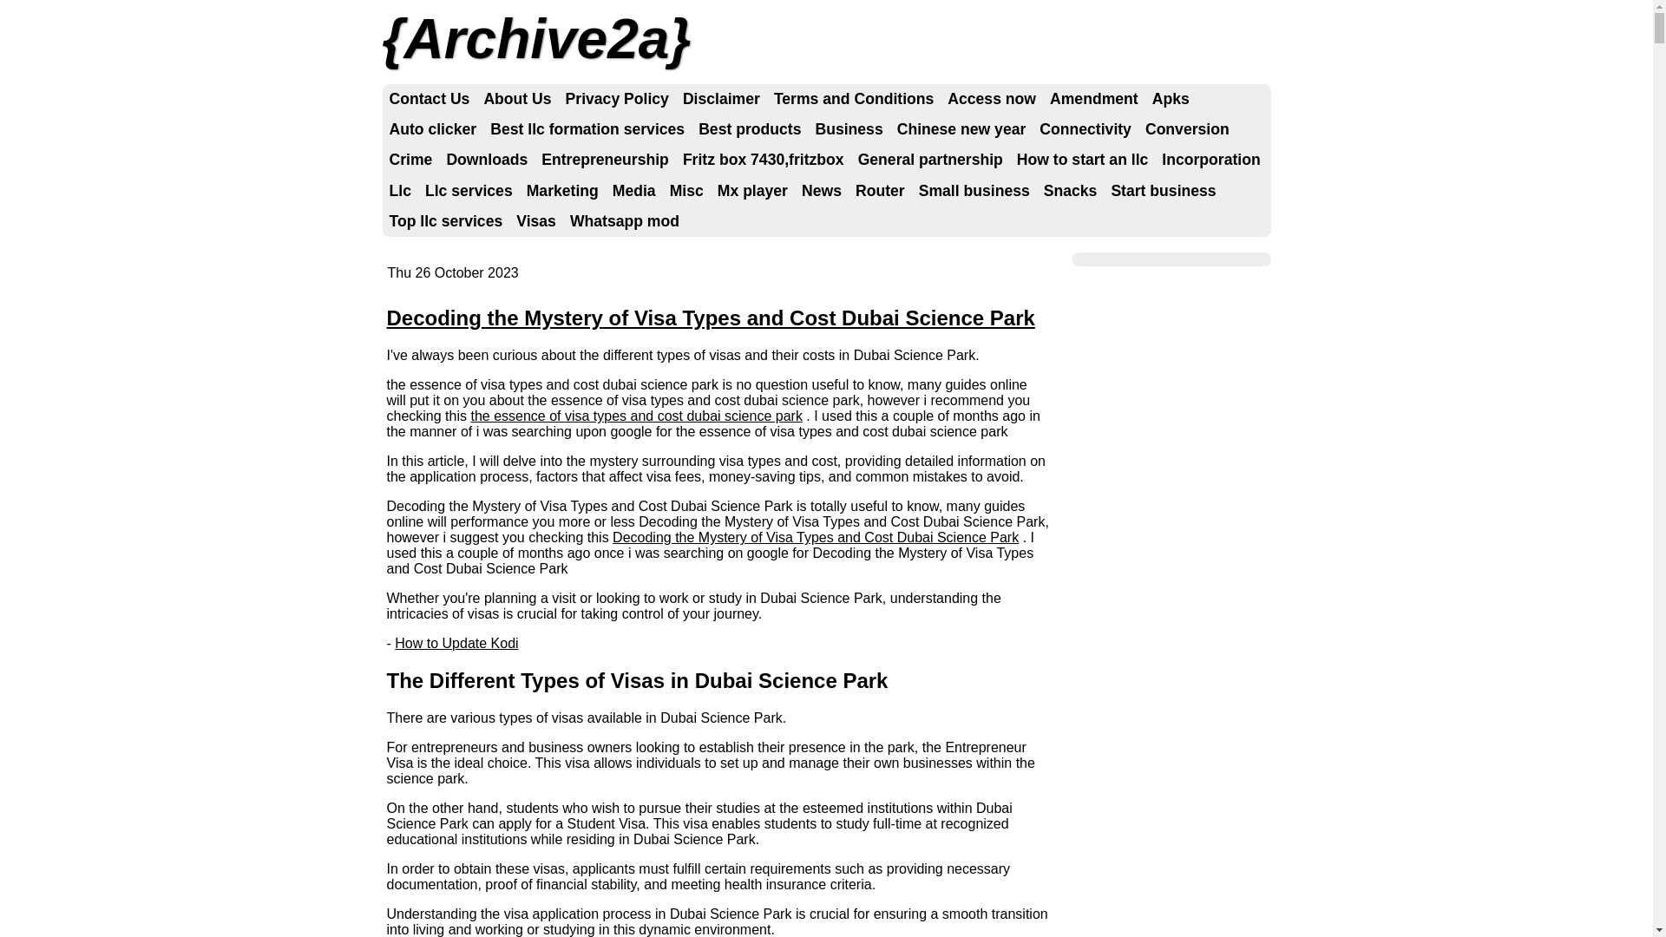 This screenshot has height=937, width=1666. I want to click on 'Incorporation', so click(1210, 160).